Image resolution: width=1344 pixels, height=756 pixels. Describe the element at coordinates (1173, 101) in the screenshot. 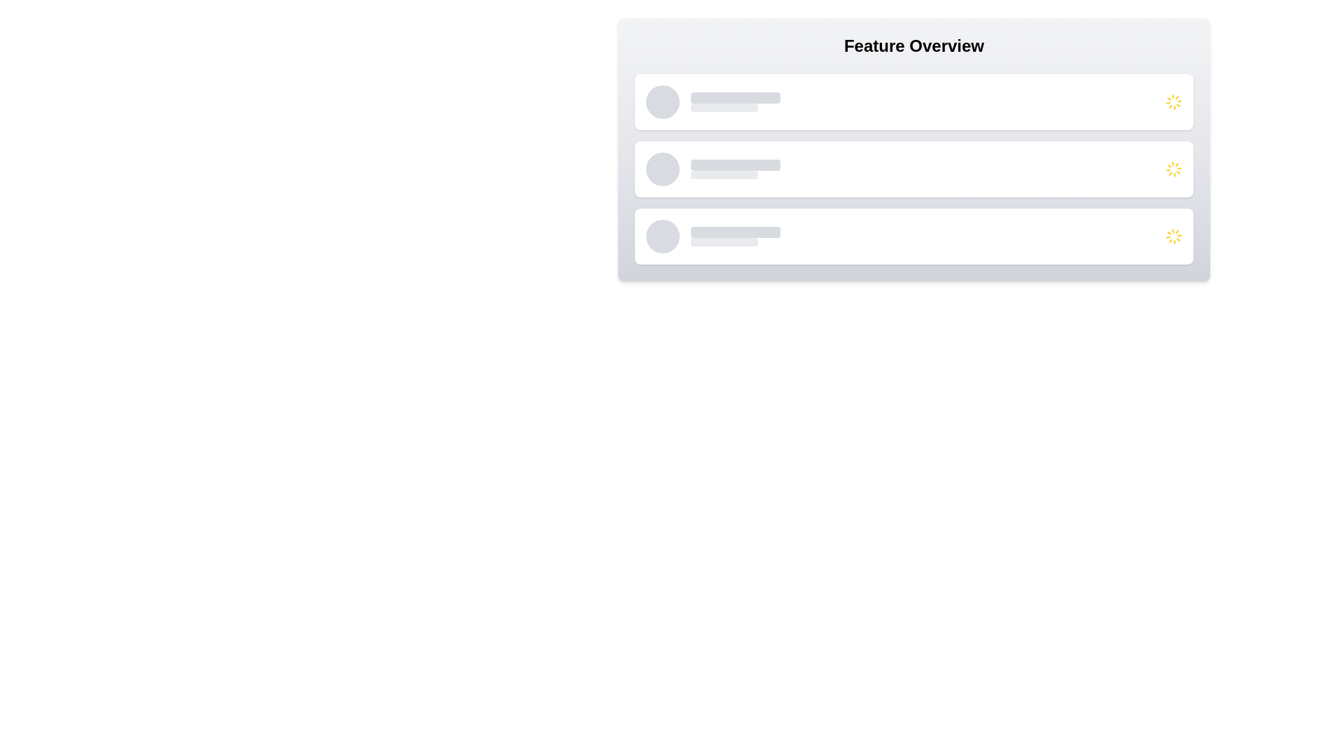

I see `the topmost circular spinner icon located on the right side of the first row in a vertically stacked list of identical yellow spinner icons` at that location.